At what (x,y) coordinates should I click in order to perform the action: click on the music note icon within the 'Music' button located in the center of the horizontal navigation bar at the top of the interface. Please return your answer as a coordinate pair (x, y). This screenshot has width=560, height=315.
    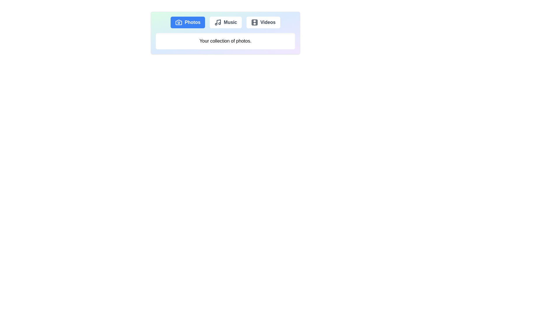
    Looking at the image, I should click on (218, 22).